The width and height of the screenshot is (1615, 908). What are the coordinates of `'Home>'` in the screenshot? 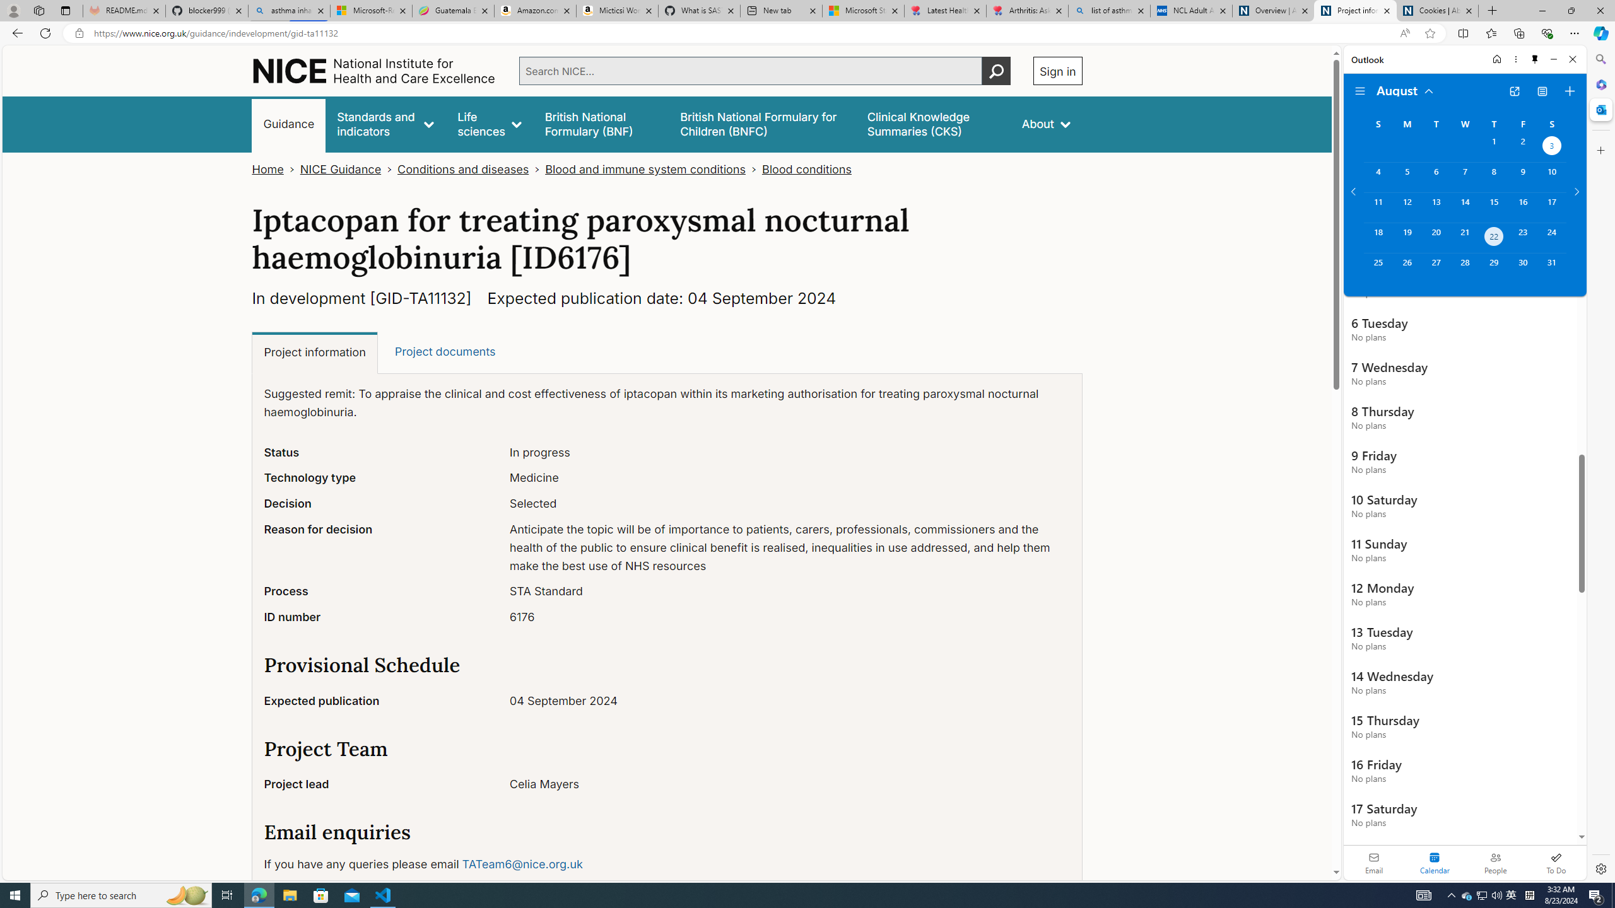 It's located at (275, 169).